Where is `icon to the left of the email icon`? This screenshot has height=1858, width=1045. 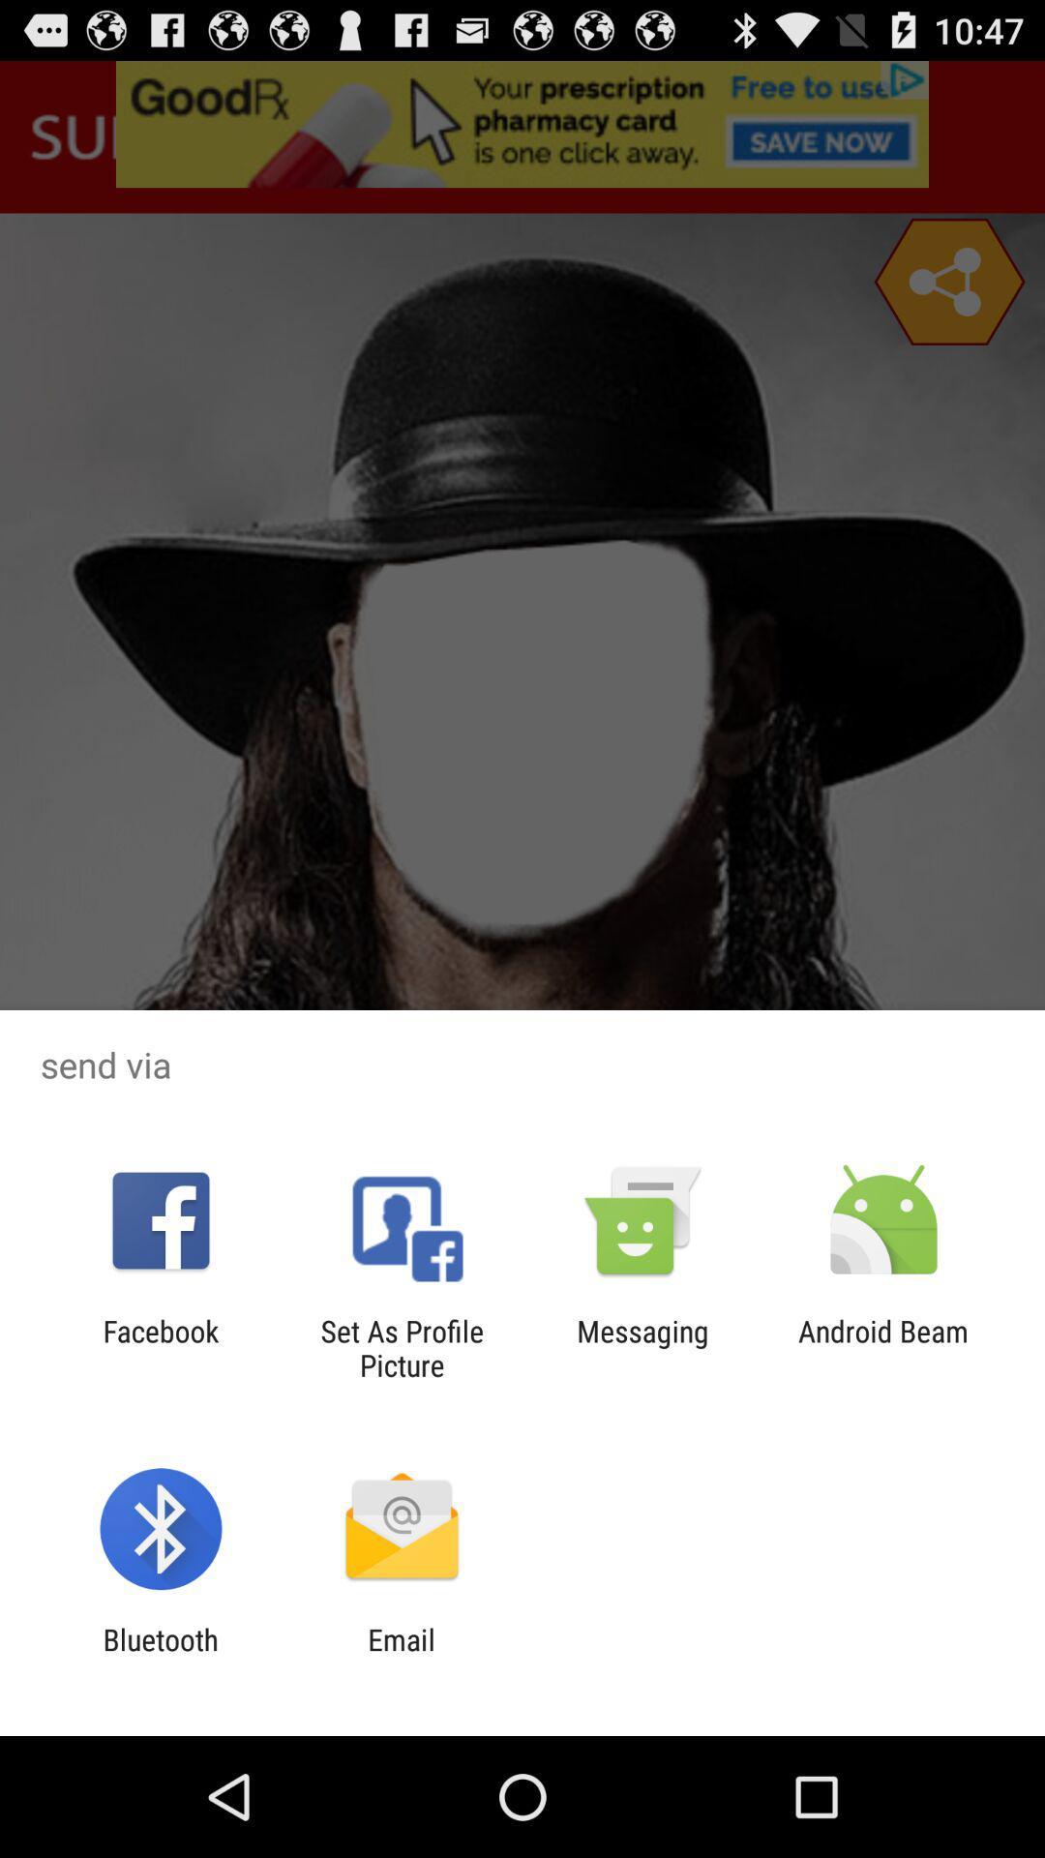 icon to the left of the email icon is located at coordinates (160, 1656).